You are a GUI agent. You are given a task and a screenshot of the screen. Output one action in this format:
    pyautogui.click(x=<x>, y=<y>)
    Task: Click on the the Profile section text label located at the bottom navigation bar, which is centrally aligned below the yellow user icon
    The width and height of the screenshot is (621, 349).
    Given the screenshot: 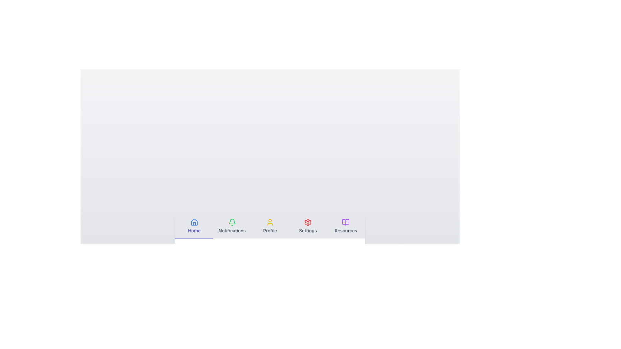 What is the action you would take?
    pyautogui.click(x=270, y=230)
    